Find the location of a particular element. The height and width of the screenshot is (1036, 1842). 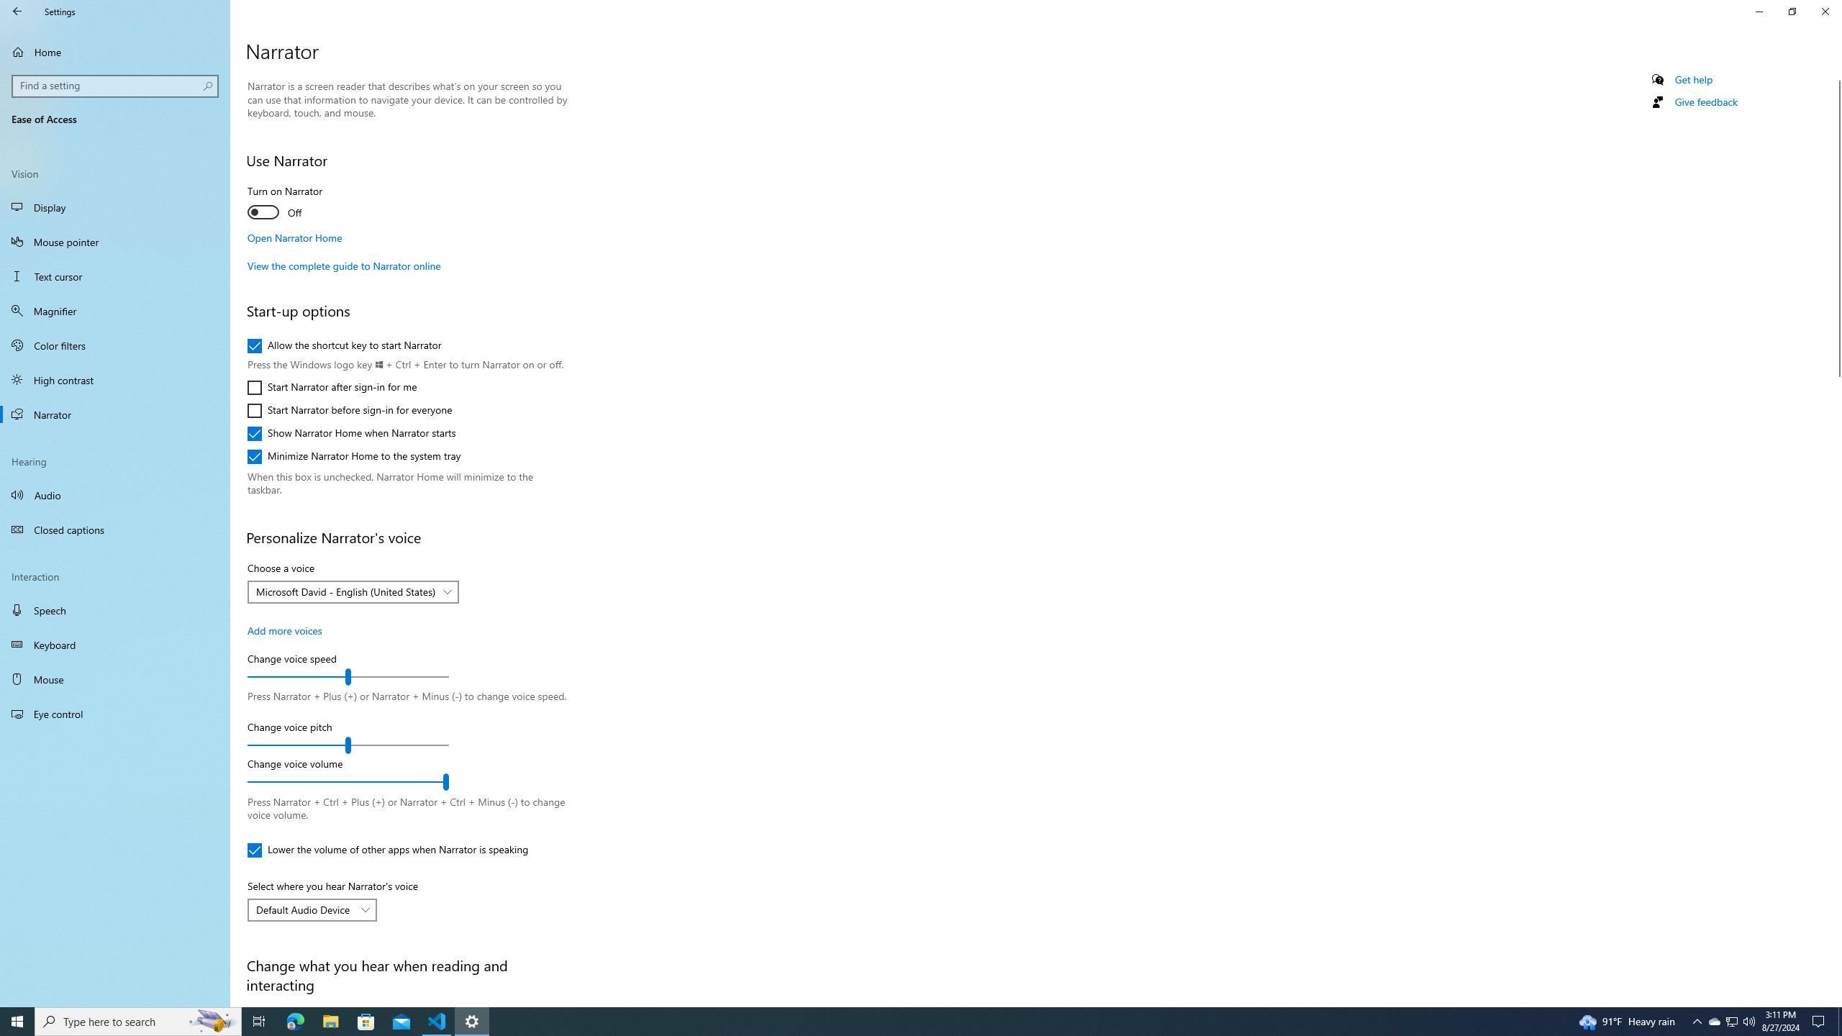

'Minimize Narrator Home to the system tray' is located at coordinates (353, 457).